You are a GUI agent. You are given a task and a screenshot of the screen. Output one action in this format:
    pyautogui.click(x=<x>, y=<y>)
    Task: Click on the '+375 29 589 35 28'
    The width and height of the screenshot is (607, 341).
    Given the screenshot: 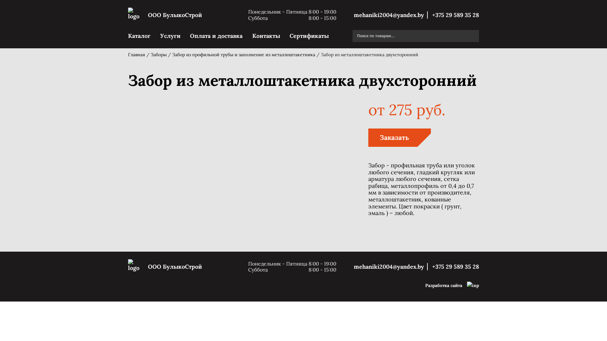 What is the action you would take?
    pyautogui.click(x=429, y=15)
    